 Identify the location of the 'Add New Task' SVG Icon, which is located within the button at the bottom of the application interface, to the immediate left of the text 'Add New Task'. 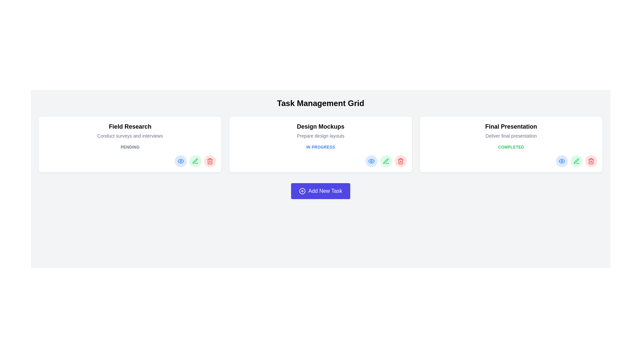
(302, 191).